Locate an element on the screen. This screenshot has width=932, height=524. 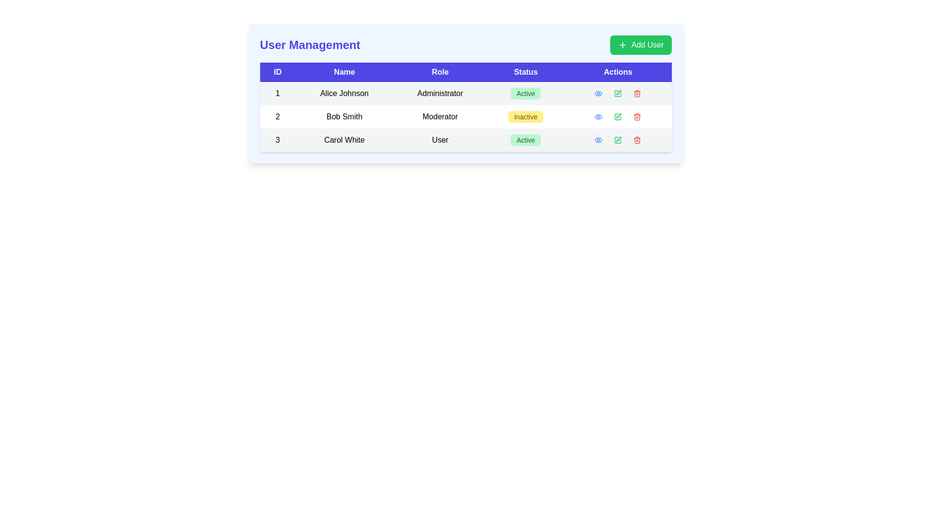
the blue eye-shaped icon in the first row of the 'Actions' column of the user management table is located at coordinates (598, 93).